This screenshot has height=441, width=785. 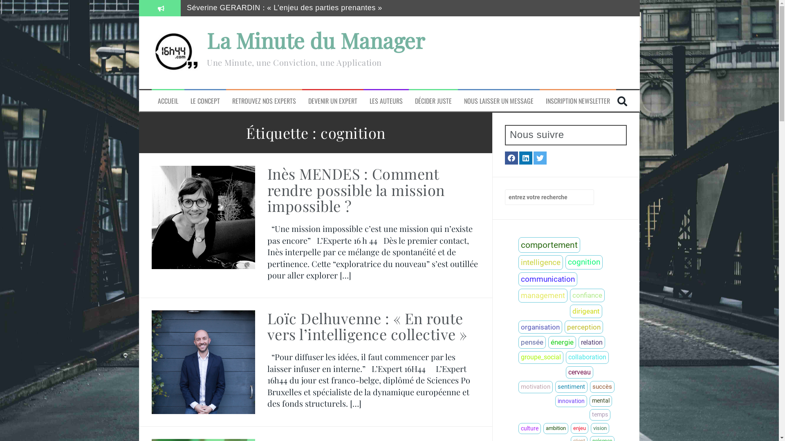 What do you see at coordinates (511, 158) in the screenshot?
I see `'Facebook'` at bounding box center [511, 158].